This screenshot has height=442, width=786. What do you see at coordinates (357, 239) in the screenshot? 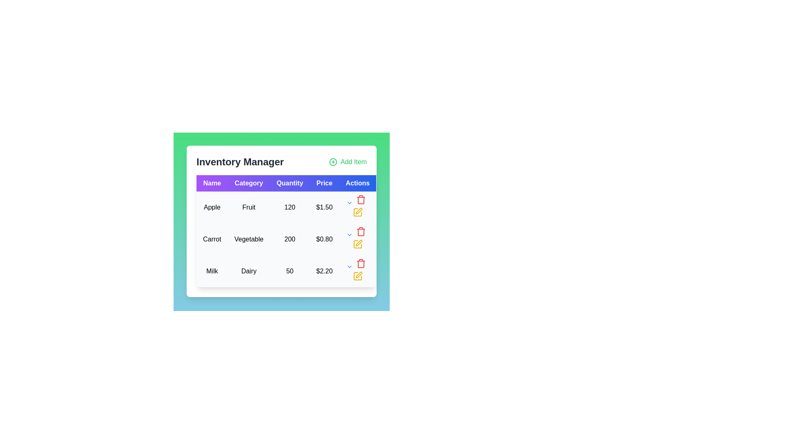
I see `the edit button located in the last column of the second row under the 'Actions' heading to modify the details of the 'Carrot' entry` at bounding box center [357, 239].